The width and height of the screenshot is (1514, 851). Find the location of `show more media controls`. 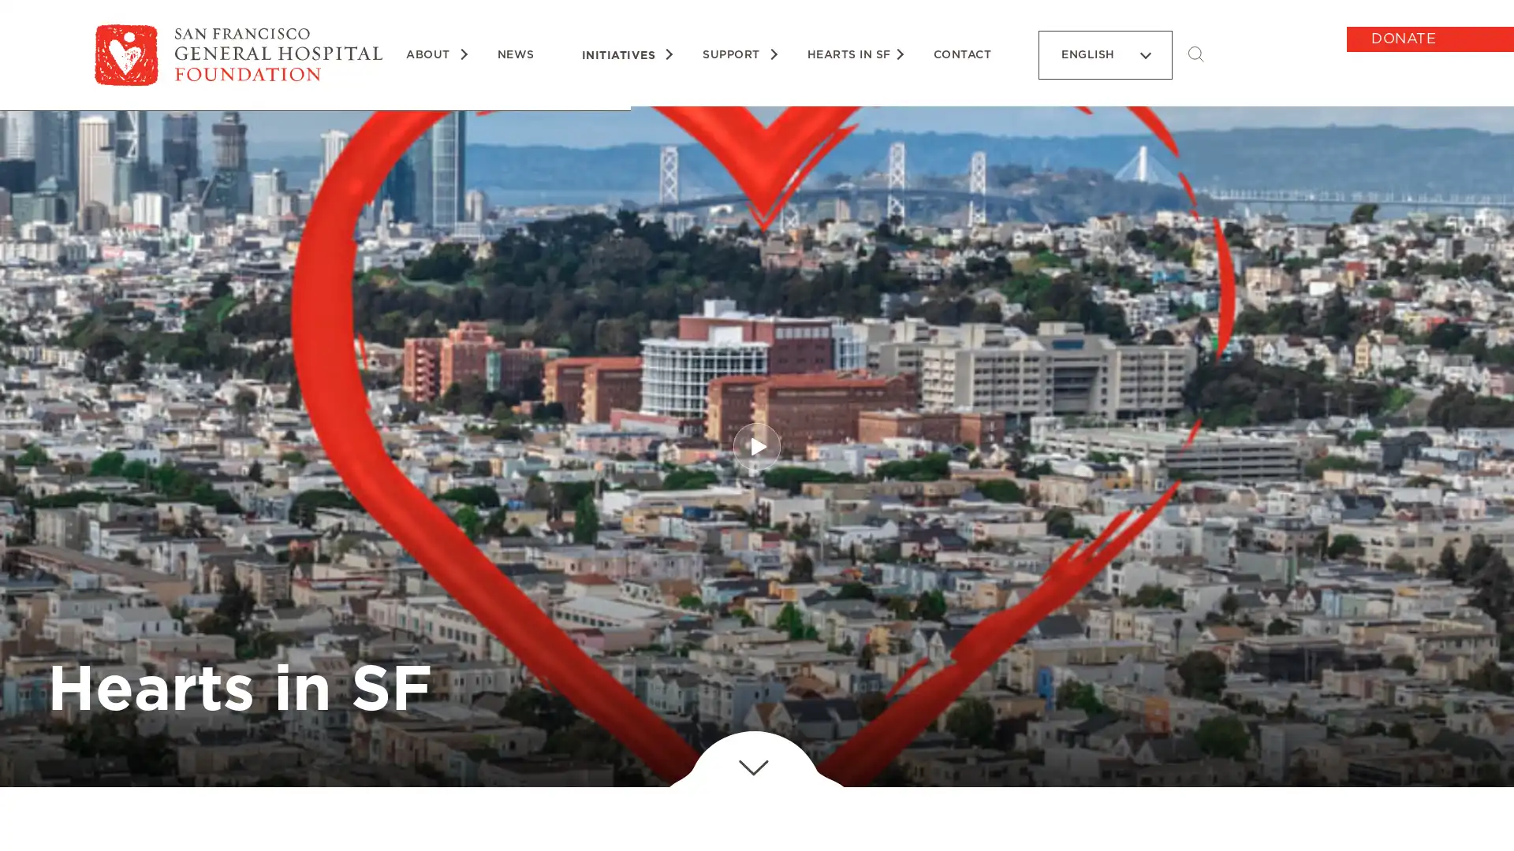

show more media controls is located at coordinates (1475, 742).